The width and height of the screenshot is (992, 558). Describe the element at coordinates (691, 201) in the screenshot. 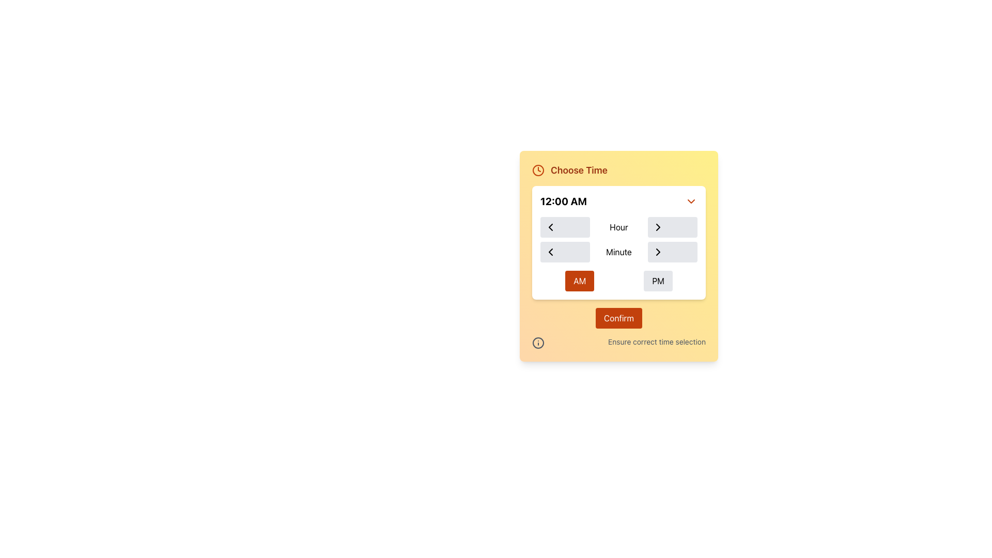

I see `the orange-colored downward-facing arrow dropdown toggle icon located to the right of the '12:00 AM' time label` at that location.